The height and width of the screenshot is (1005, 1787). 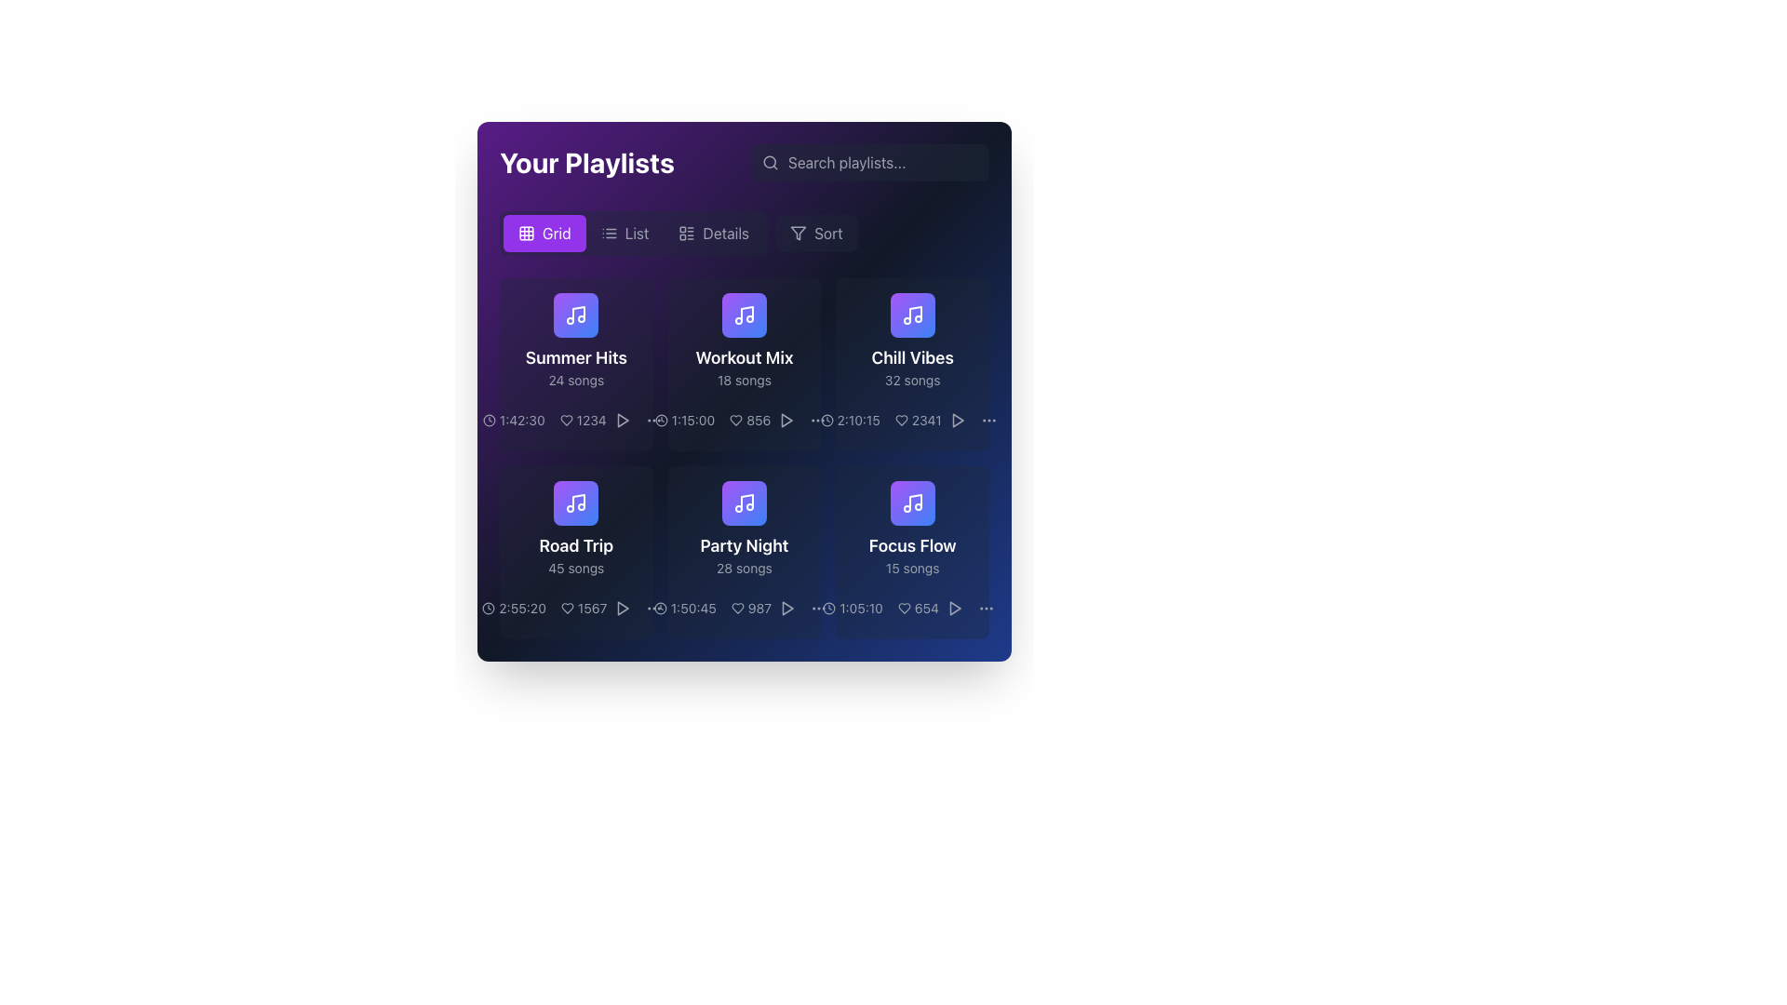 I want to click on the text element displaying the duration of the 'Focus Flow' playlist, located near the bottom-right corner of the playlist panel, beside a heart icon and above a play button icon, so click(x=852, y=609).